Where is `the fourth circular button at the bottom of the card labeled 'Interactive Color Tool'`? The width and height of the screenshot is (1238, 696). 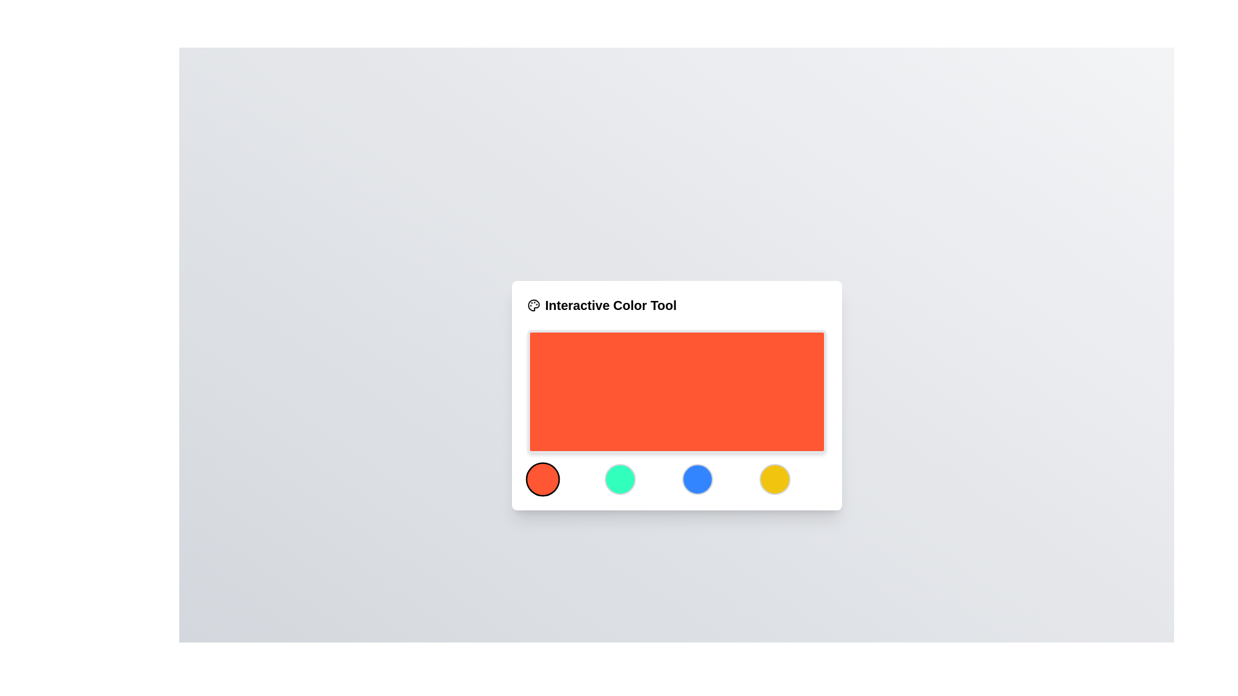 the fourth circular button at the bottom of the card labeled 'Interactive Color Tool' is located at coordinates (774, 479).